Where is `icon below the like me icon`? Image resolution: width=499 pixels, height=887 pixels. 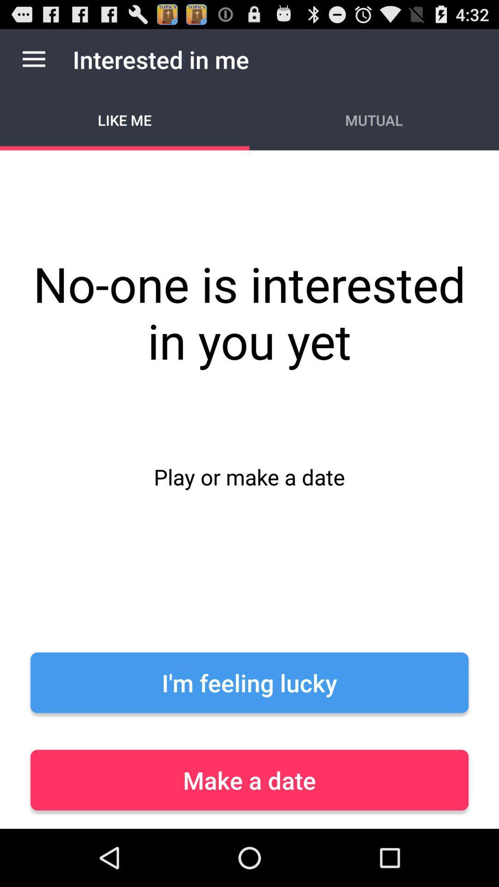
icon below the like me icon is located at coordinates (249, 489).